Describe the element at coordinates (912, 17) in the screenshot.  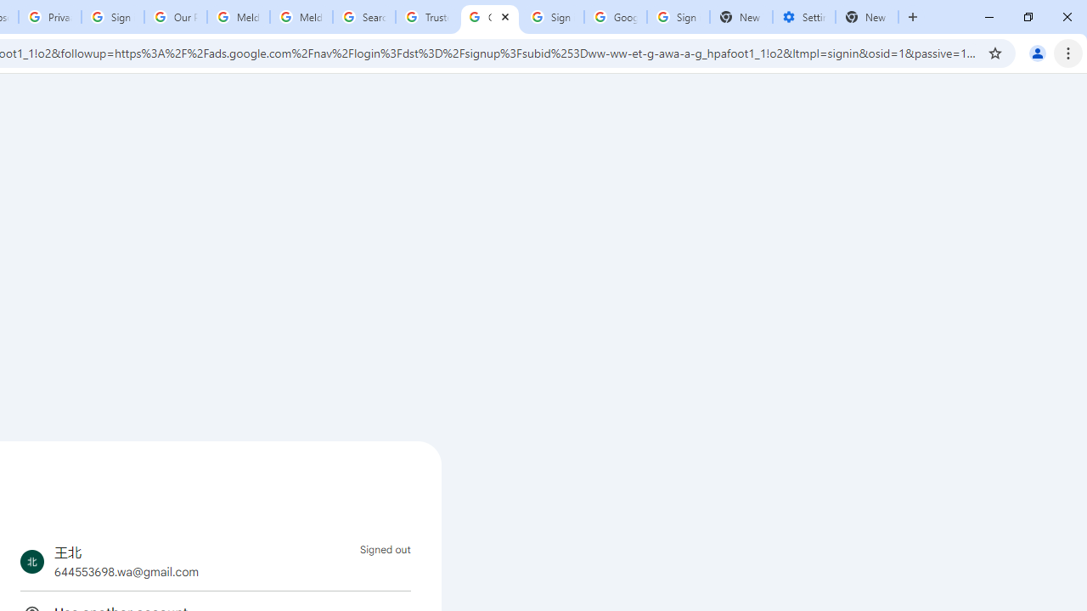
I see `'New Tab'` at that location.